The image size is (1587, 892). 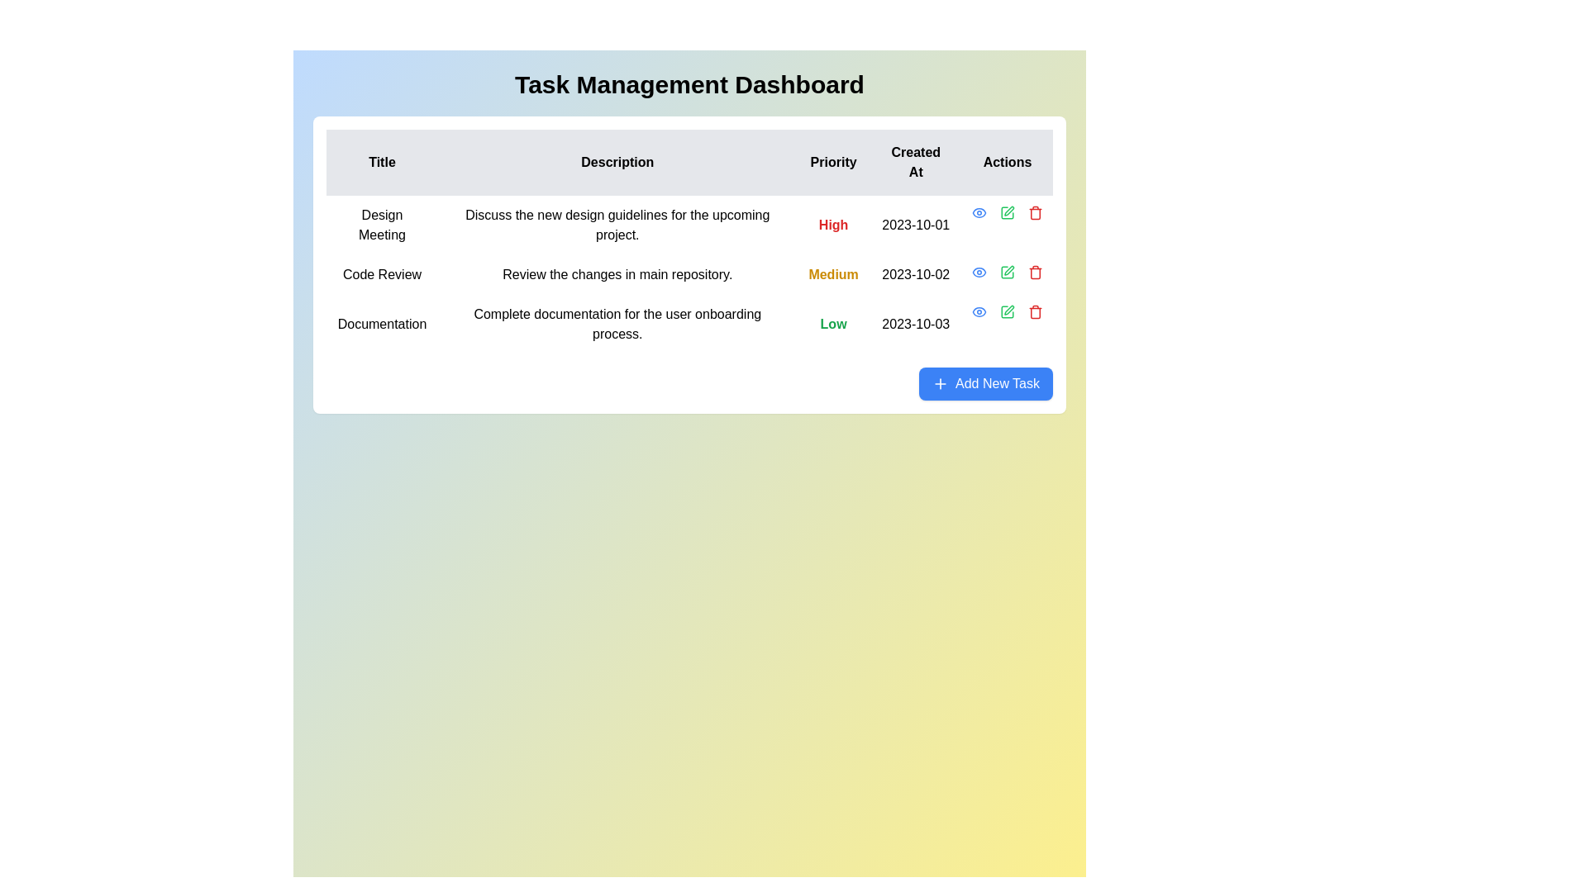 I want to click on the text label that identifies the task 'Design Meeting' in the first row of the task management table under the 'Title' column, so click(x=381, y=225).